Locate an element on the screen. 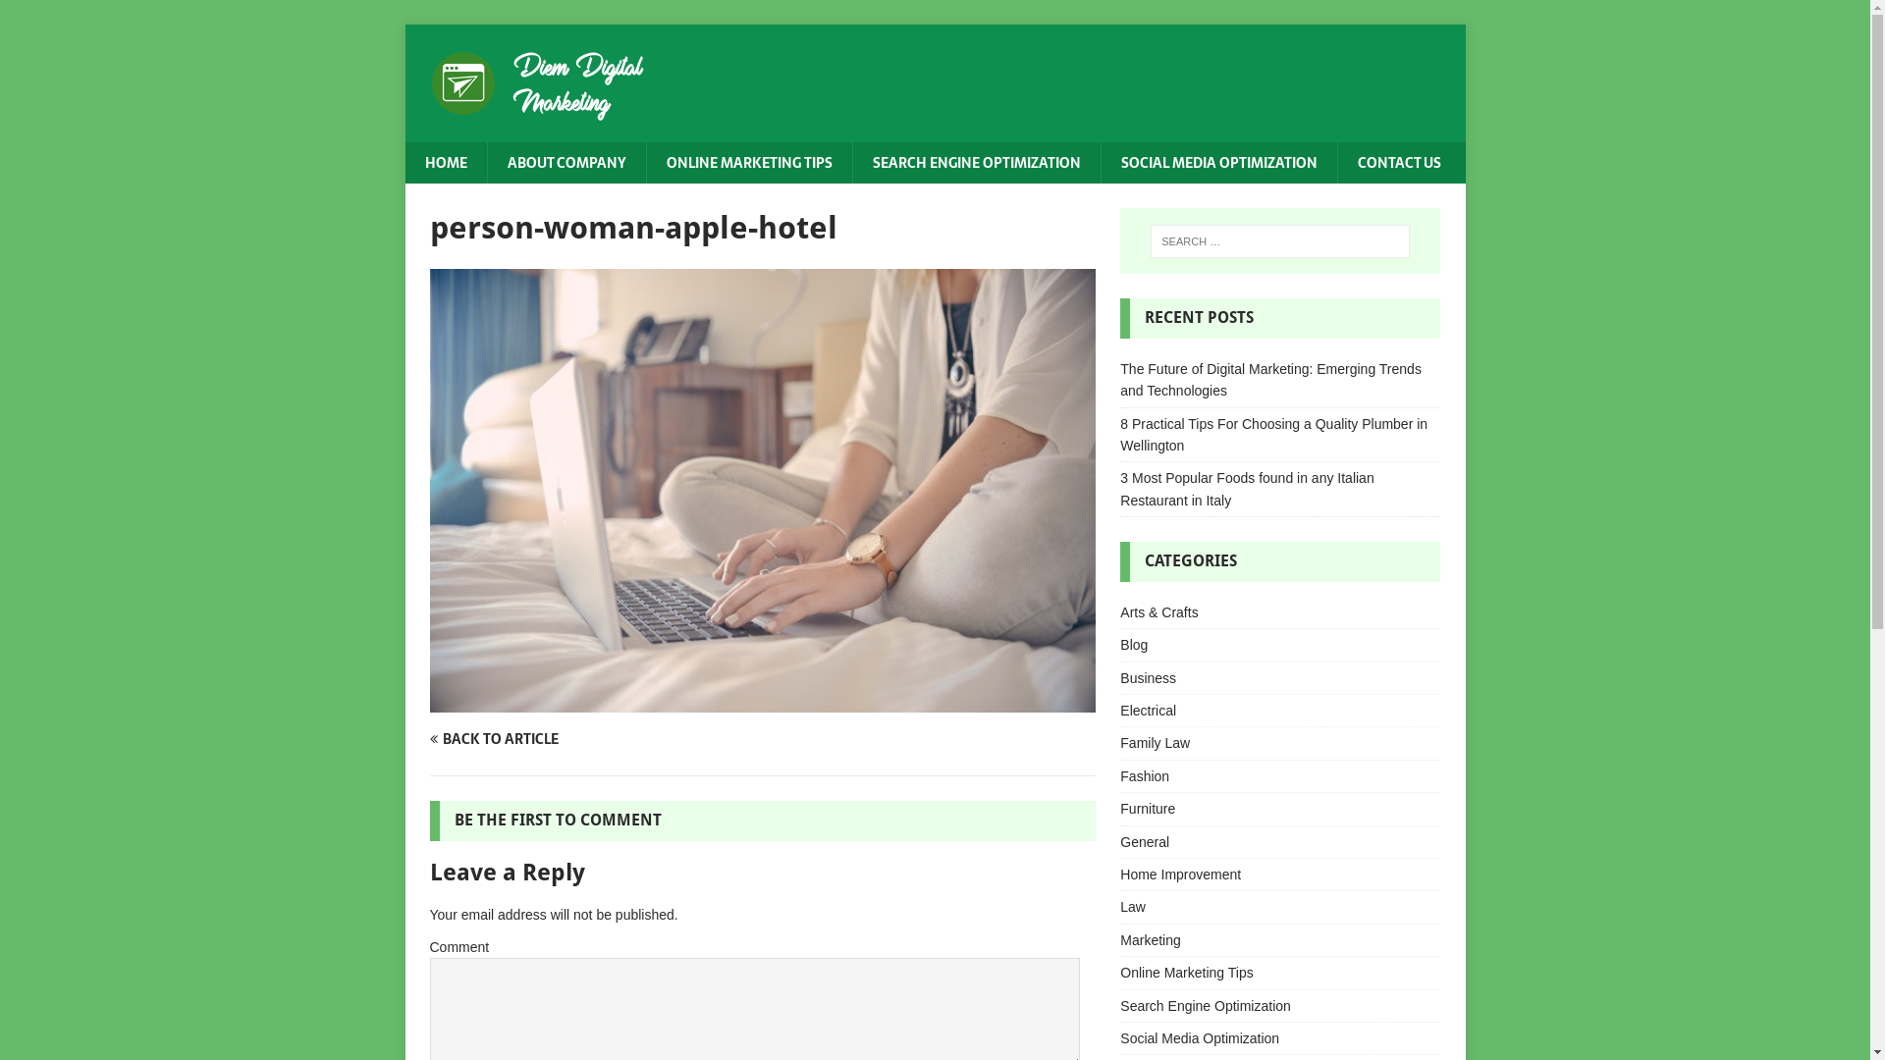 The image size is (1885, 1060). 'General' is located at coordinates (1120, 840).